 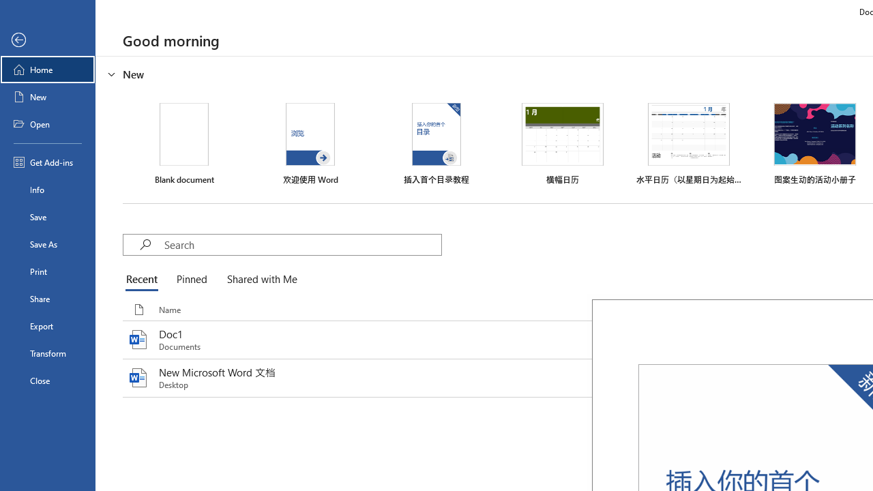 What do you see at coordinates (47, 189) in the screenshot?
I see `'Info'` at bounding box center [47, 189].